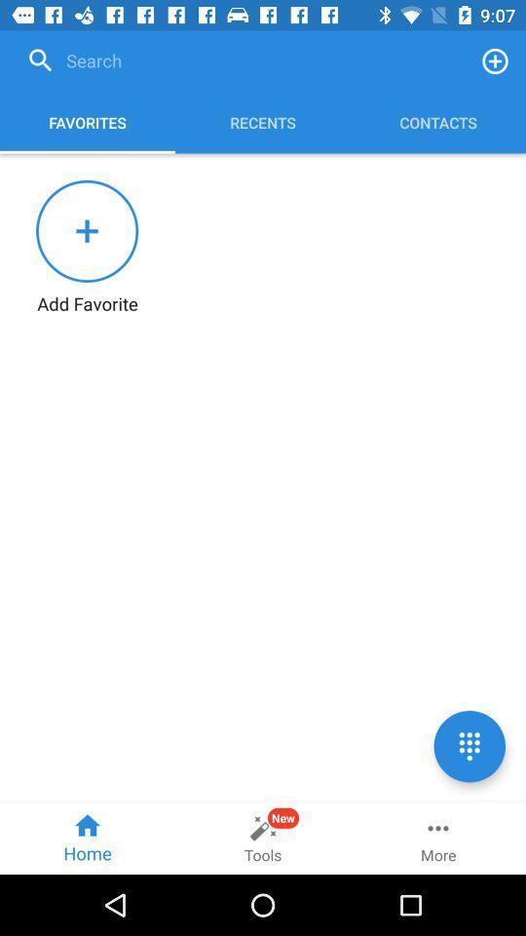 This screenshot has height=936, width=526. I want to click on number pad option, so click(469, 745).